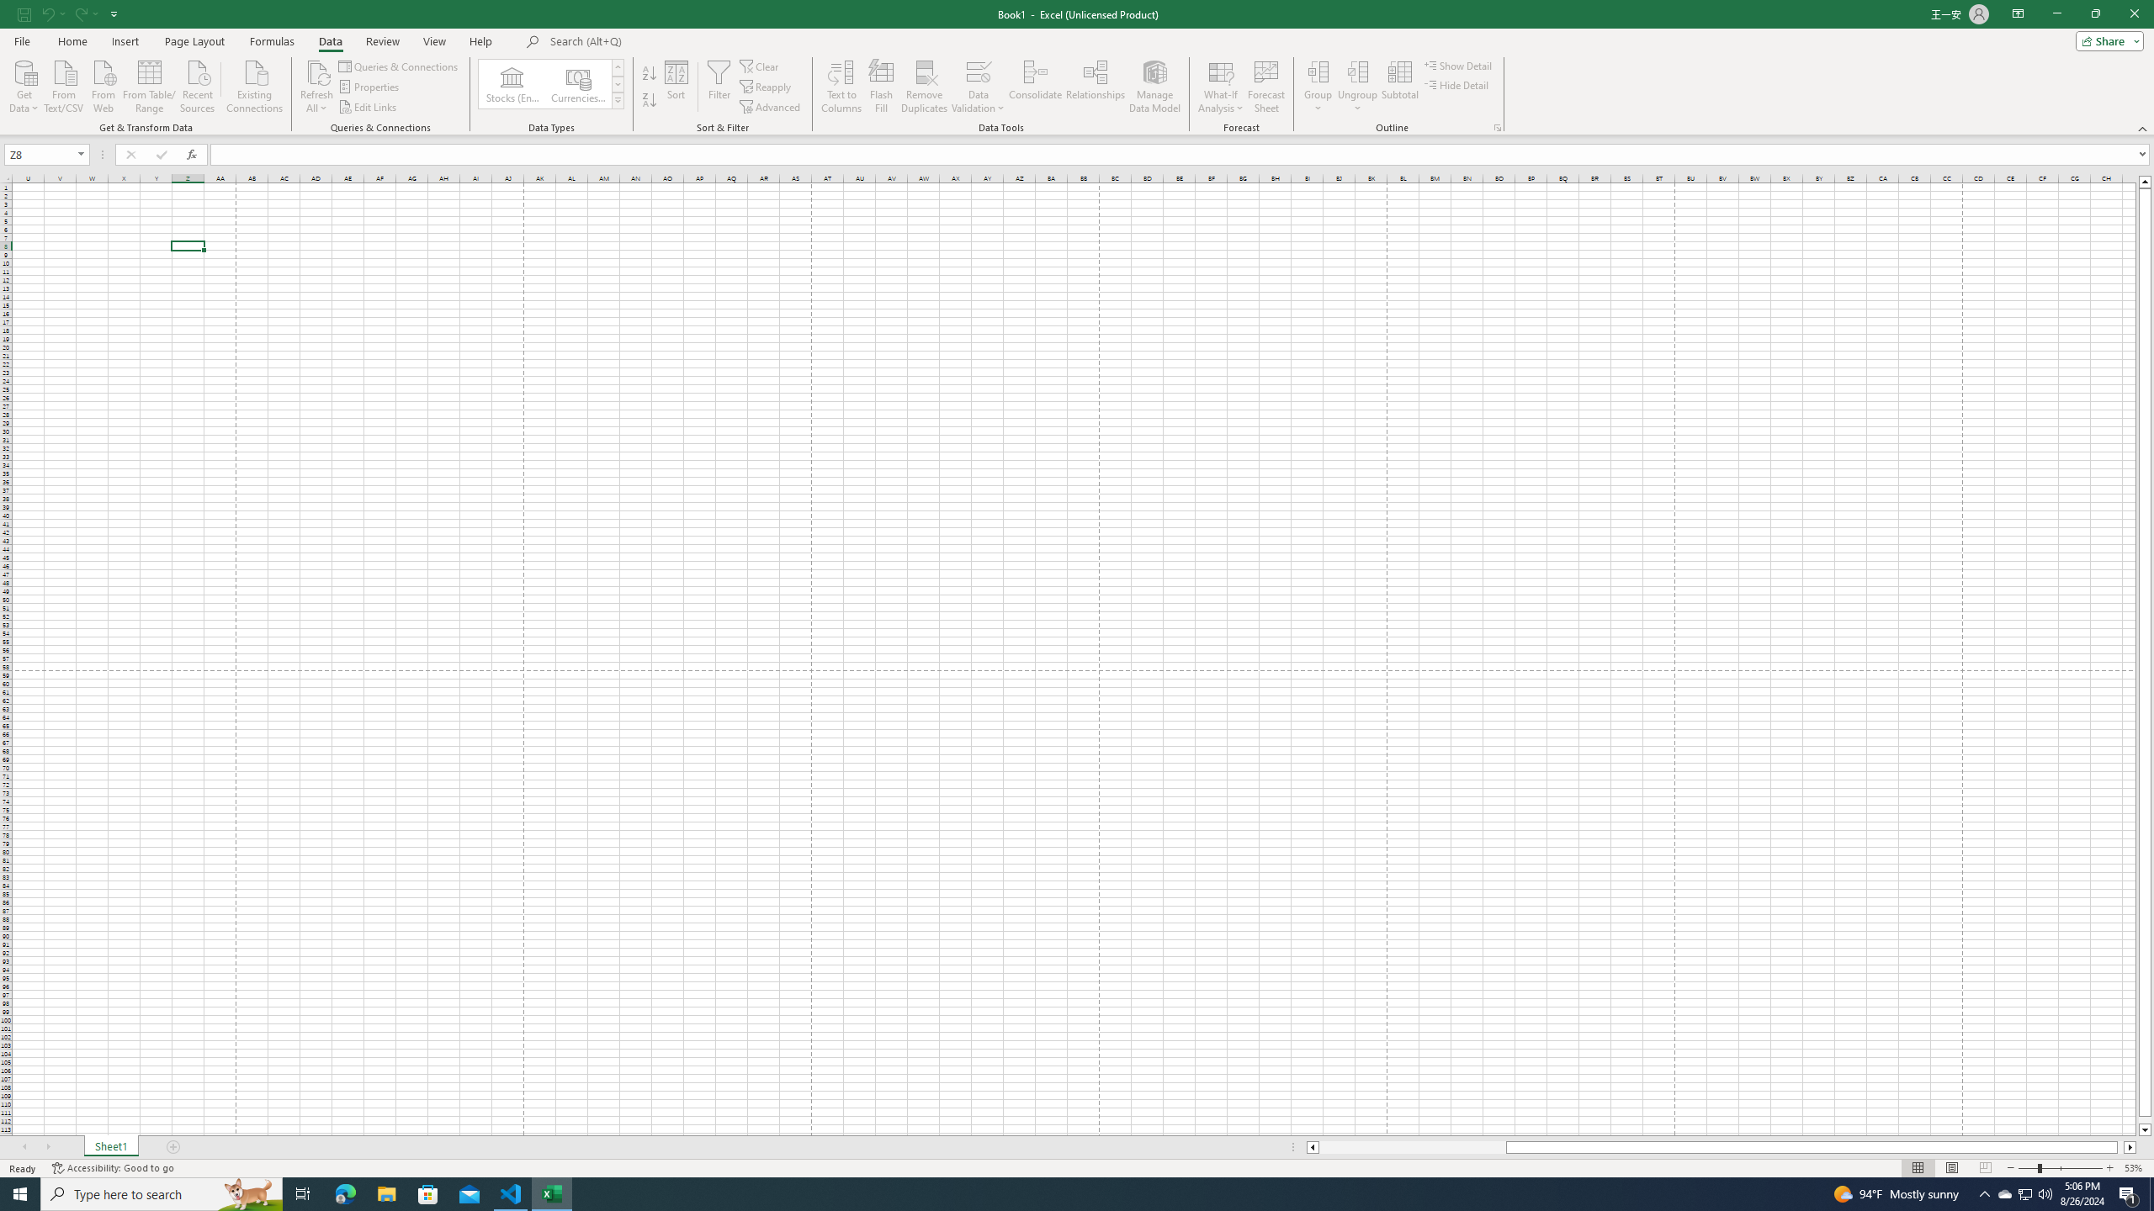  Describe the element at coordinates (1036, 87) in the screenshot. I see `'Consolidate...'` at that location.